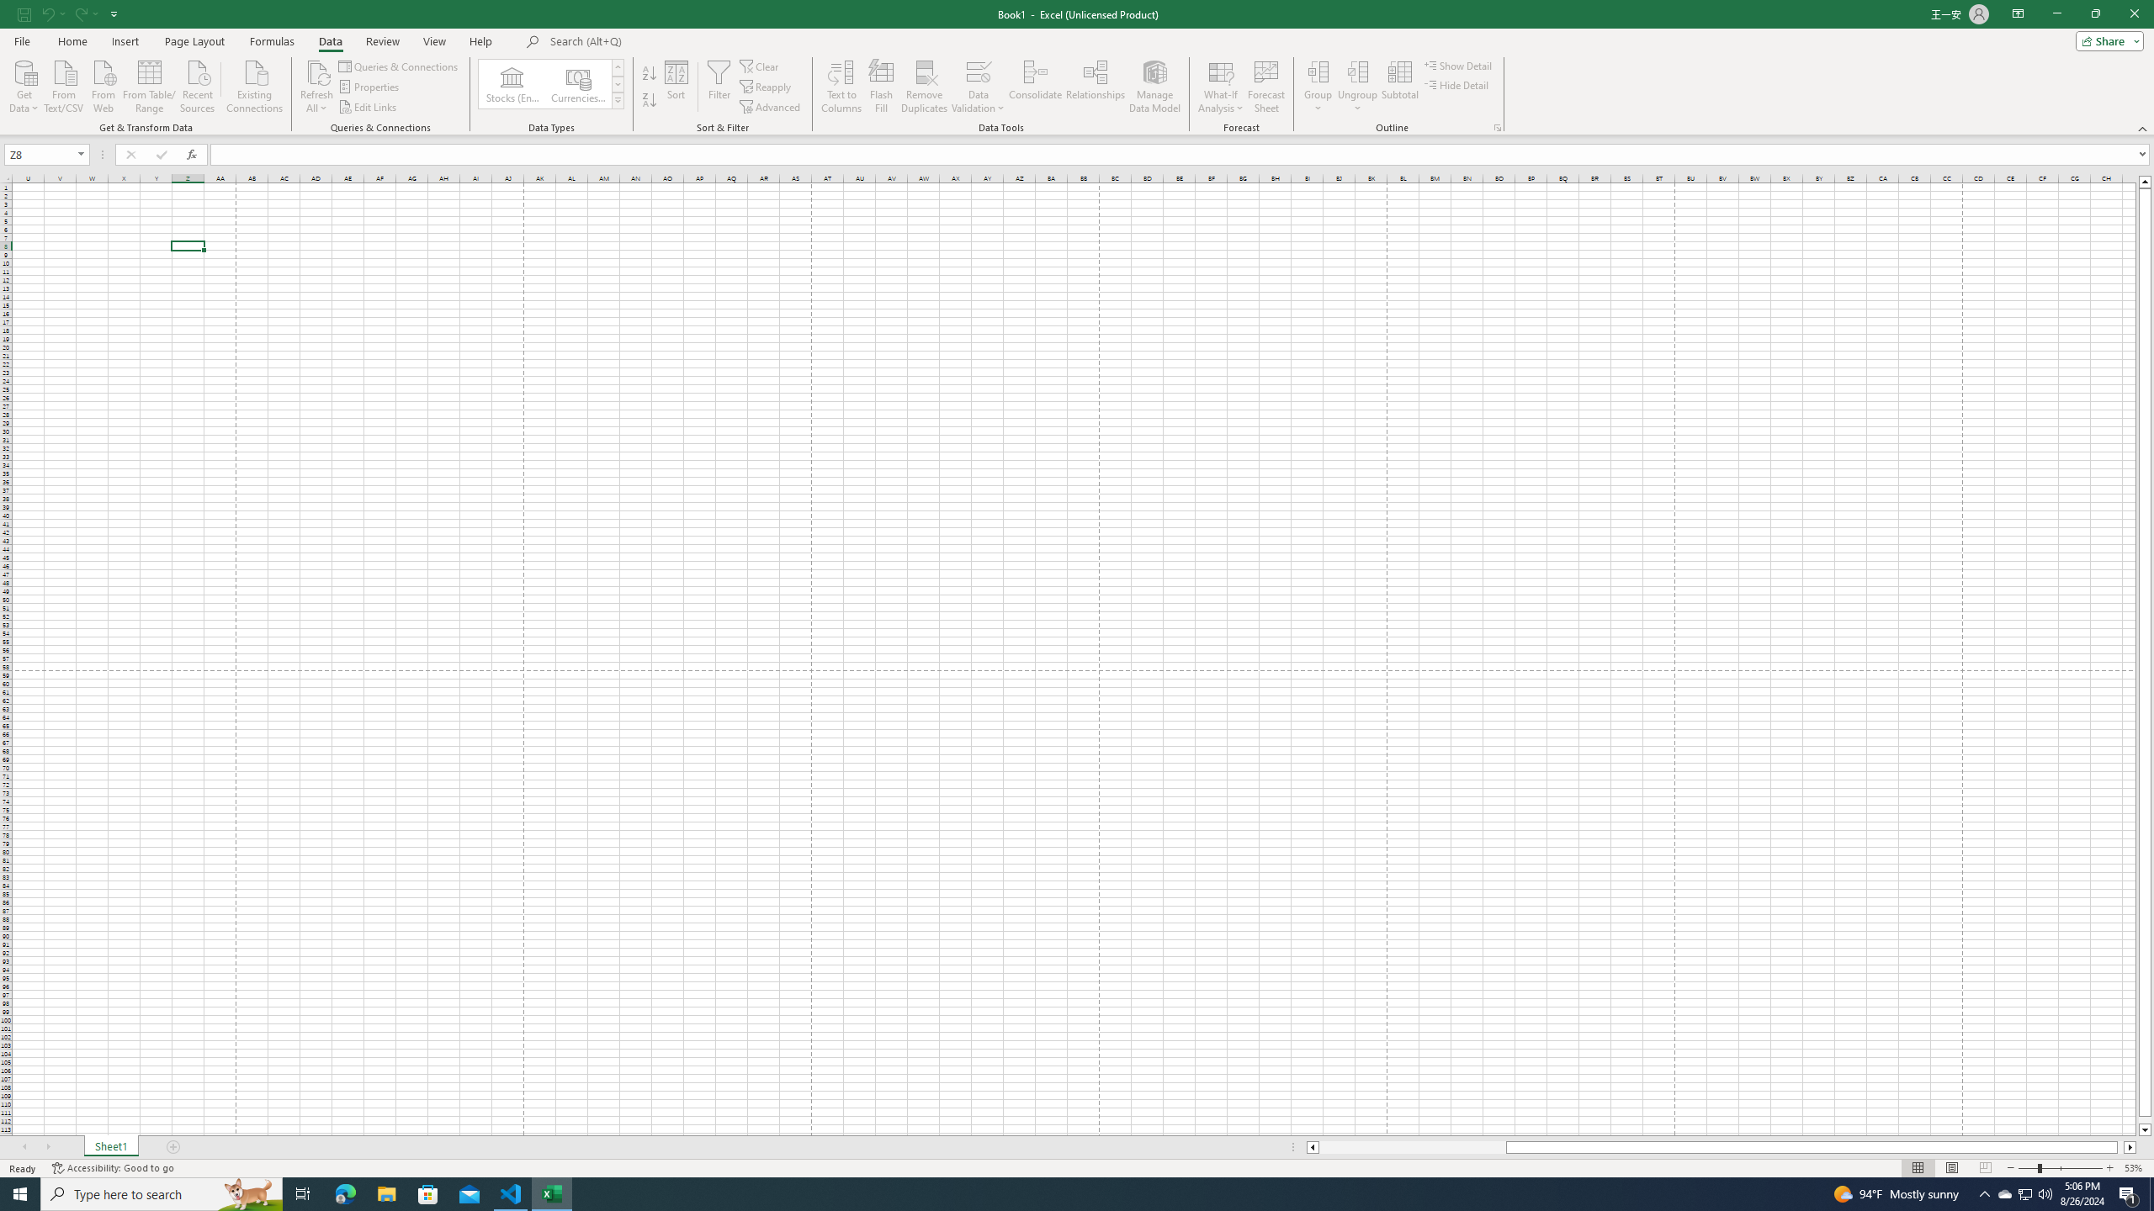  Describe the element at coordinates (1036, 87) in the screenshot. I see `'Consolidate...'` at that location.